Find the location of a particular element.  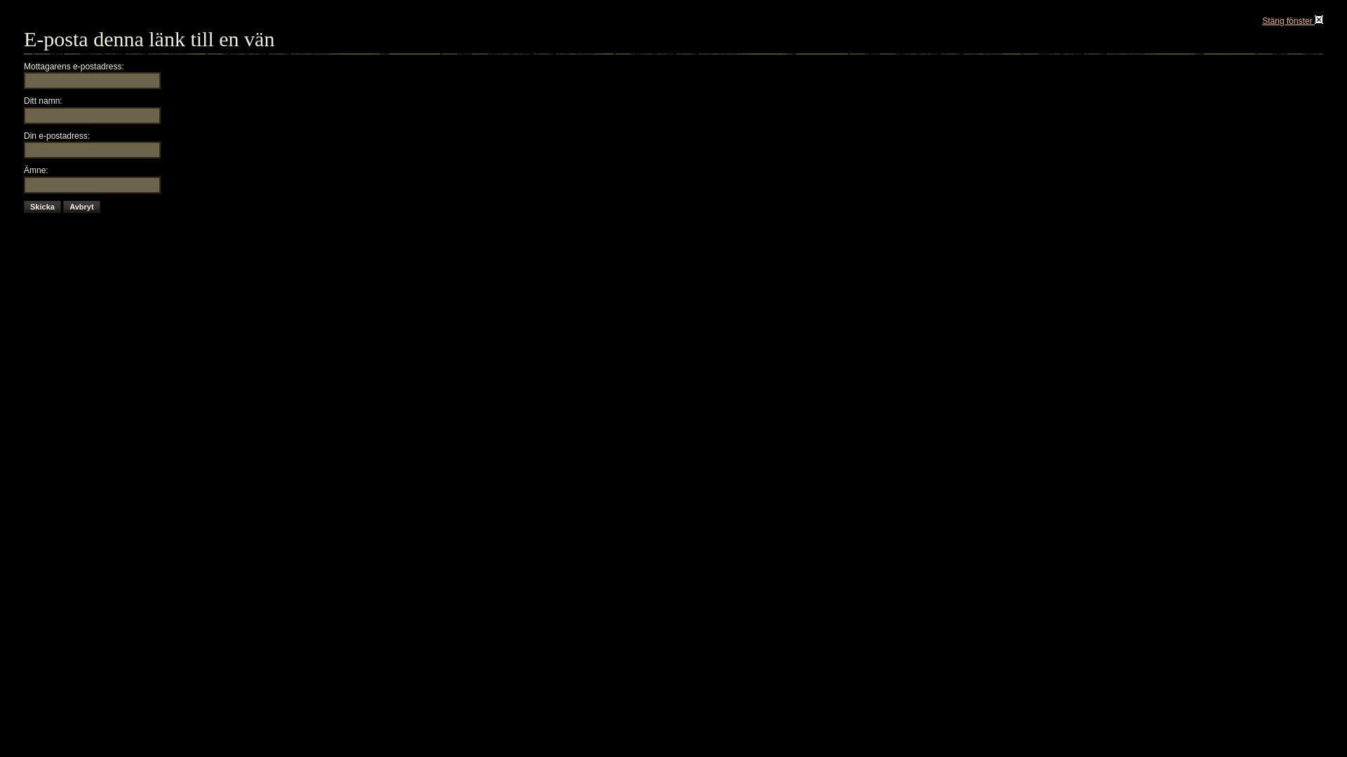

'Avbryt' is located at coordinates (80, 206).